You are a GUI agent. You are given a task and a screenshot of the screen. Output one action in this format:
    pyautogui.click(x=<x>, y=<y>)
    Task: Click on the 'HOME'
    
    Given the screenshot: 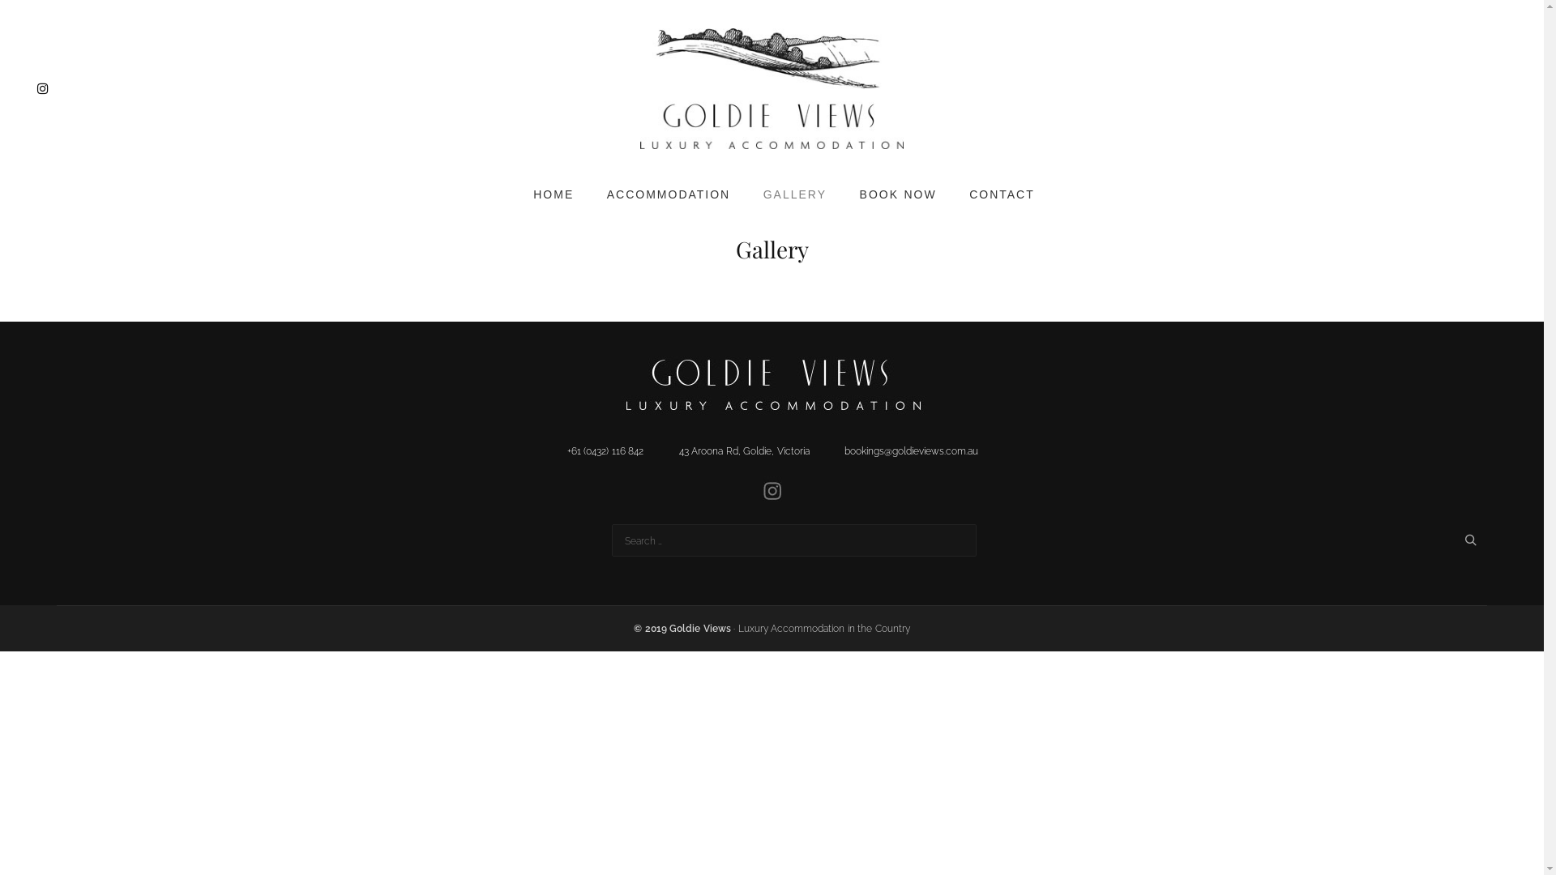 What is the action you would take?
    pyautogui.click(x=553, y=193)
    